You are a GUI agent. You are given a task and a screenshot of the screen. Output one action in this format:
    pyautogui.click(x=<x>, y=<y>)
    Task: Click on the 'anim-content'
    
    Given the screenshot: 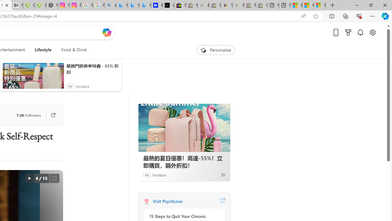 What is the action you would take?
    pyautogui.click(x=33, y=78)
    